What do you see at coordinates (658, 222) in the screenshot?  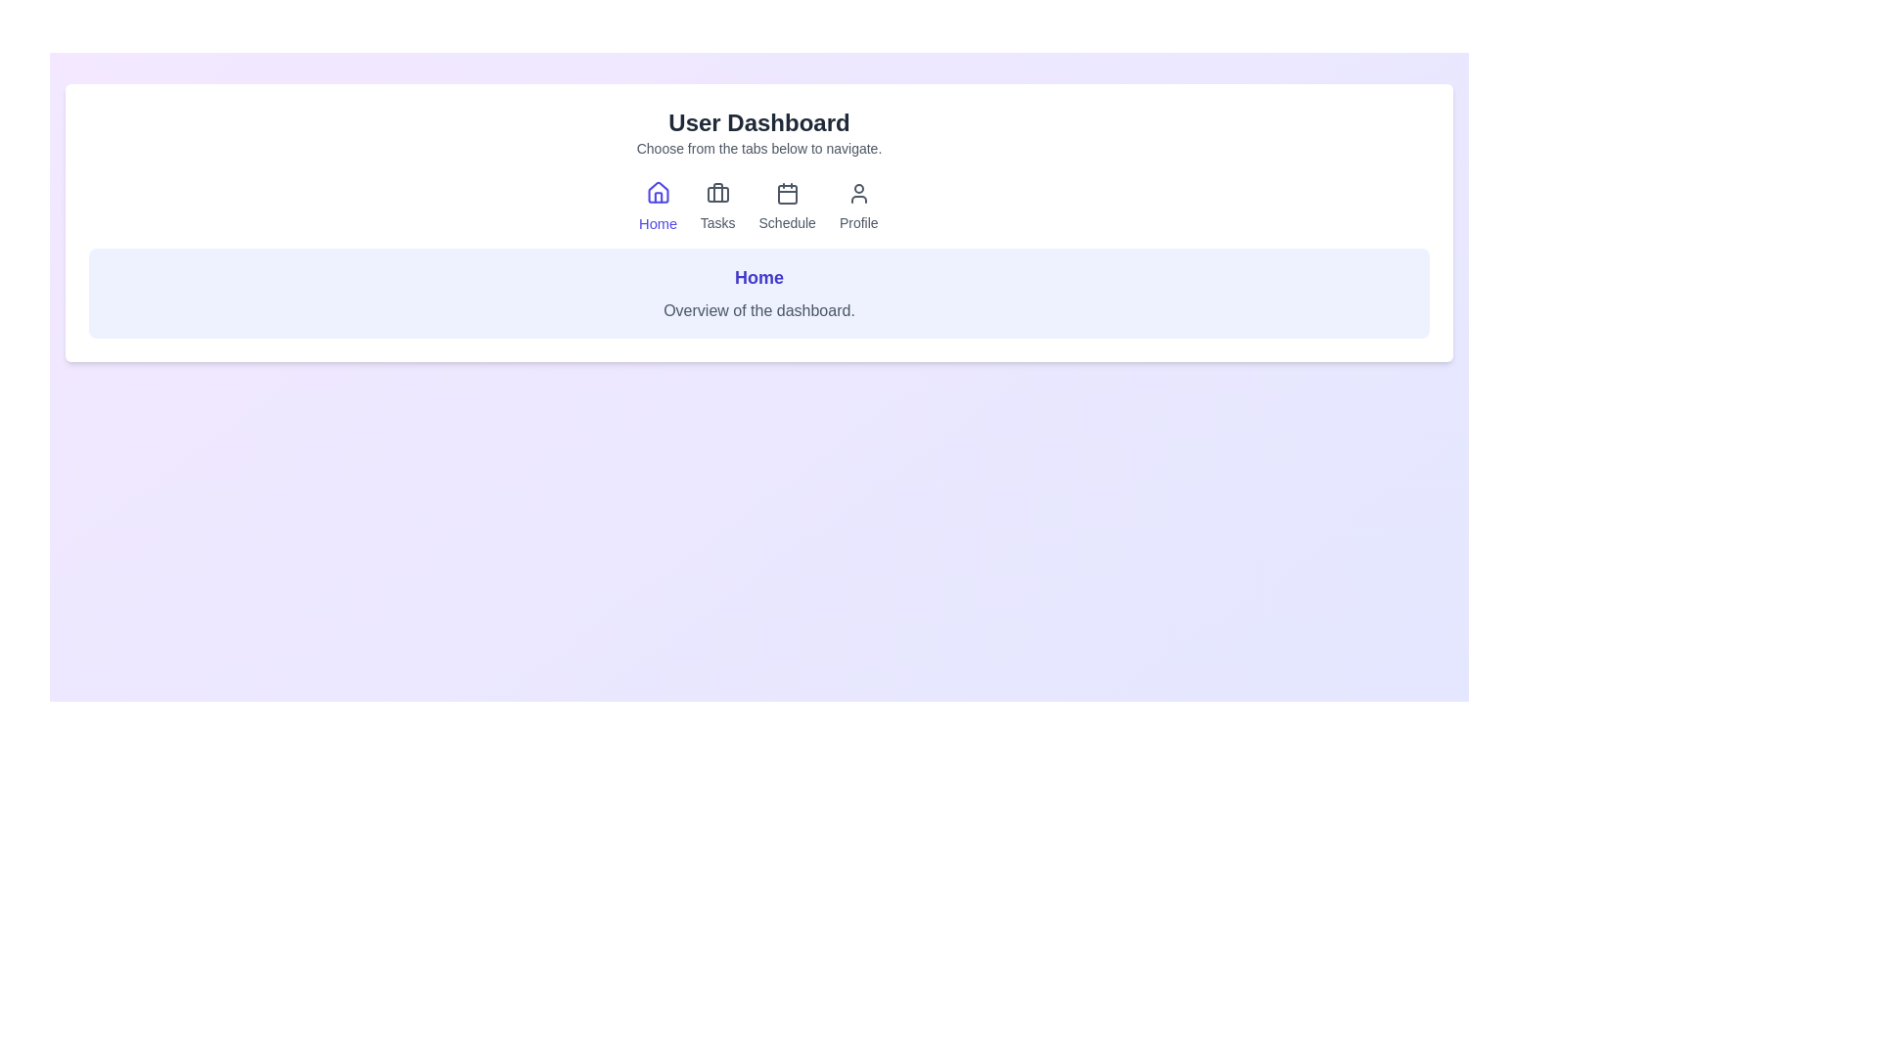 I see `the 'Home' text label located in the navigation bar under the house icon` at bounding box center [658, 222].